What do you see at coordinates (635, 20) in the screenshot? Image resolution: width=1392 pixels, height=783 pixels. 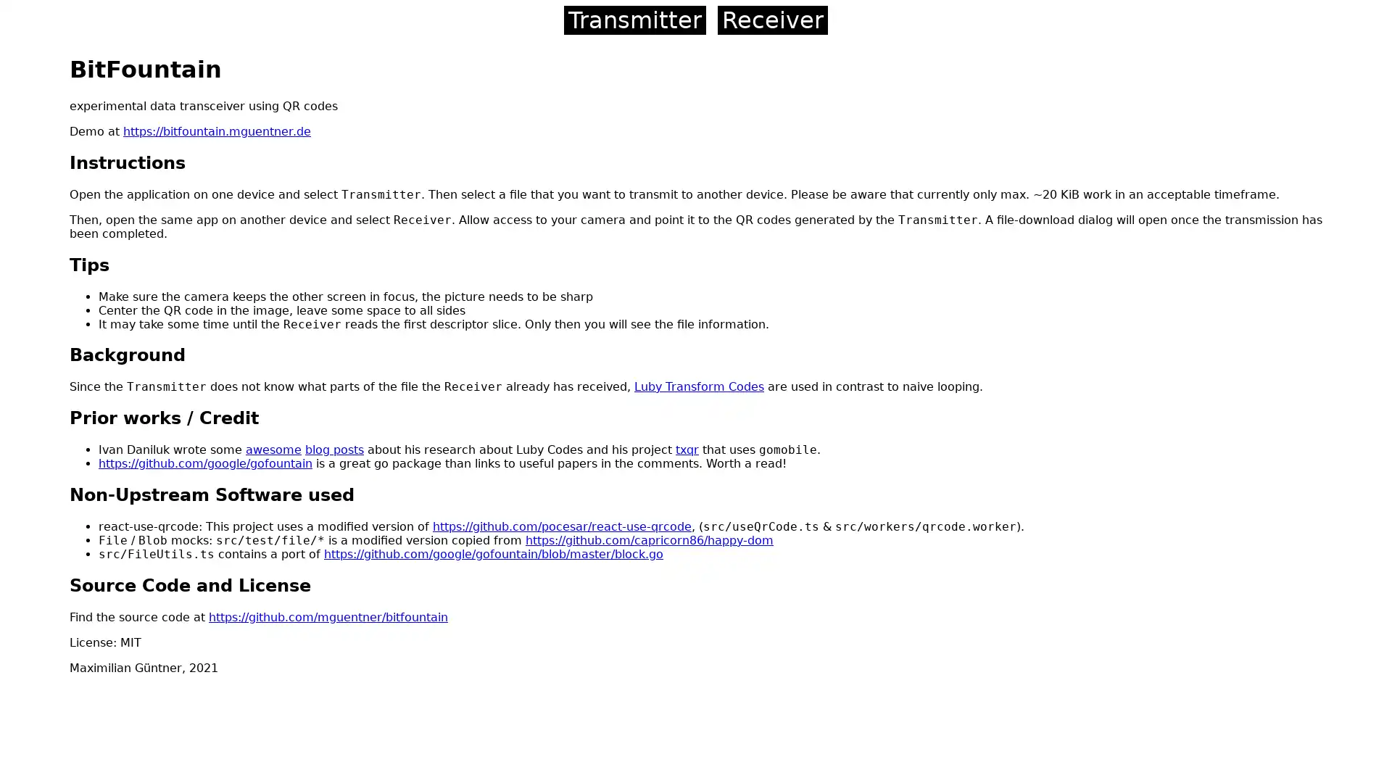 I see `Transmitter` at bounding box center [635, 20].